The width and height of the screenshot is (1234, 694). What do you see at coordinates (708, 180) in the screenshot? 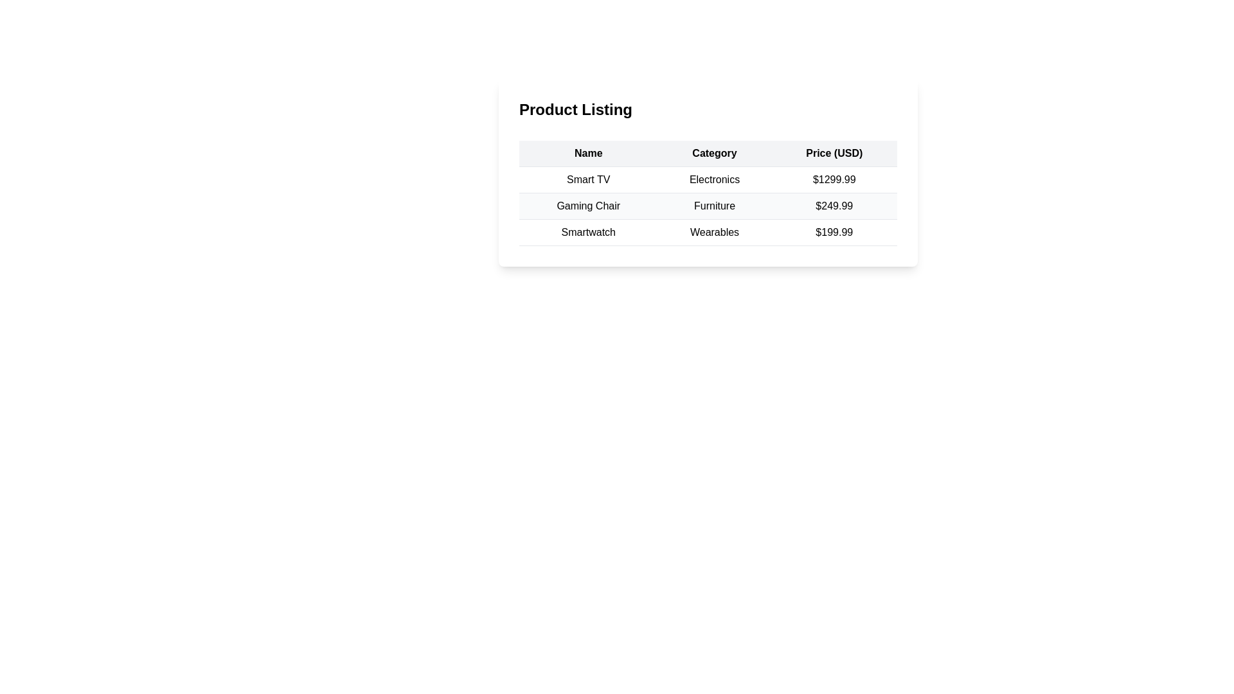
I see `the first row in the product listing table displaying 'Smart TV', 'Electronics', and '$1299.99'` at bounding box center [708, 180].